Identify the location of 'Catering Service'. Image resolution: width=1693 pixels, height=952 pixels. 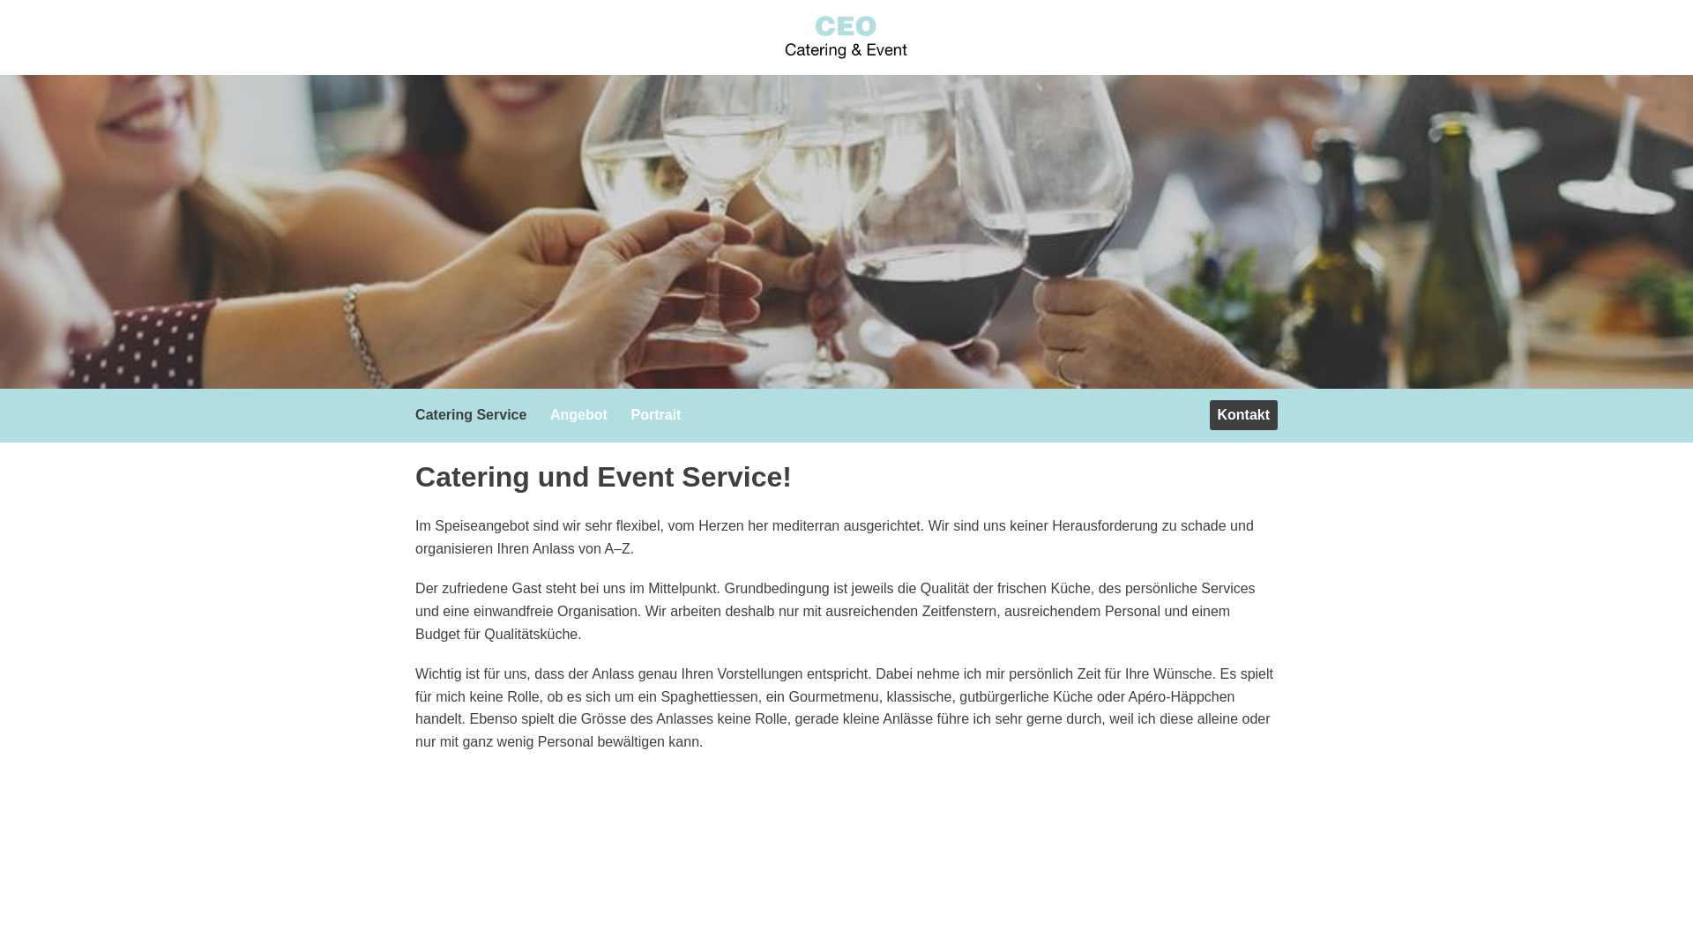
(406, 414).